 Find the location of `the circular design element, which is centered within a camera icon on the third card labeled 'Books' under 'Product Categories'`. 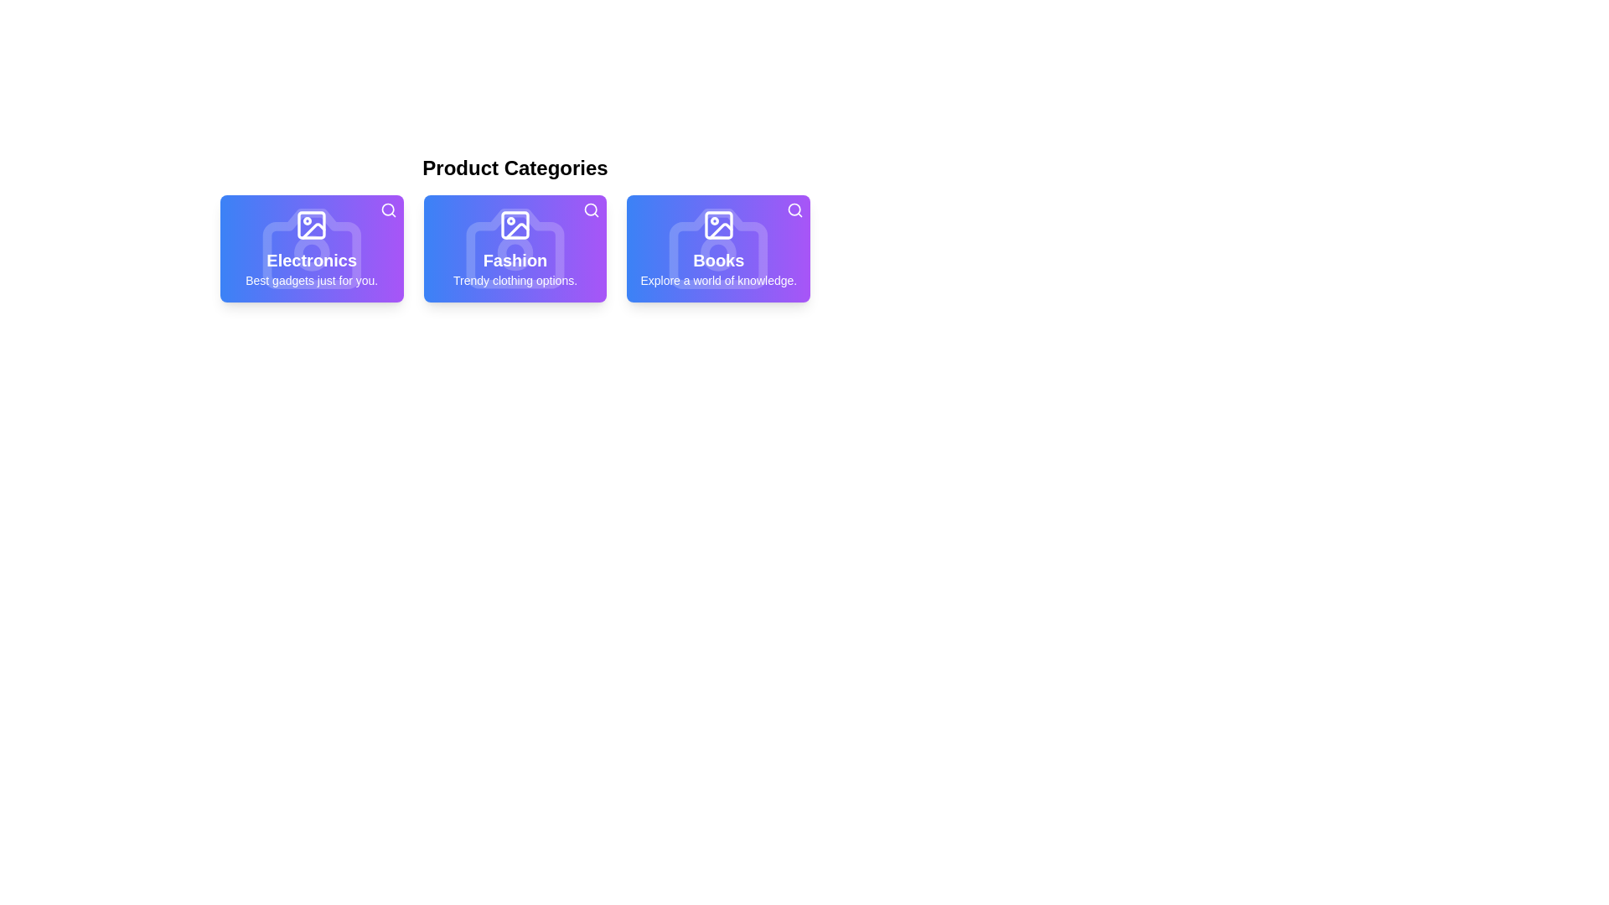

the circular design element, which is centered within a camera icon on the third card labeled 'Books' under 'Product Categories' is located at coordinates (718, 253).